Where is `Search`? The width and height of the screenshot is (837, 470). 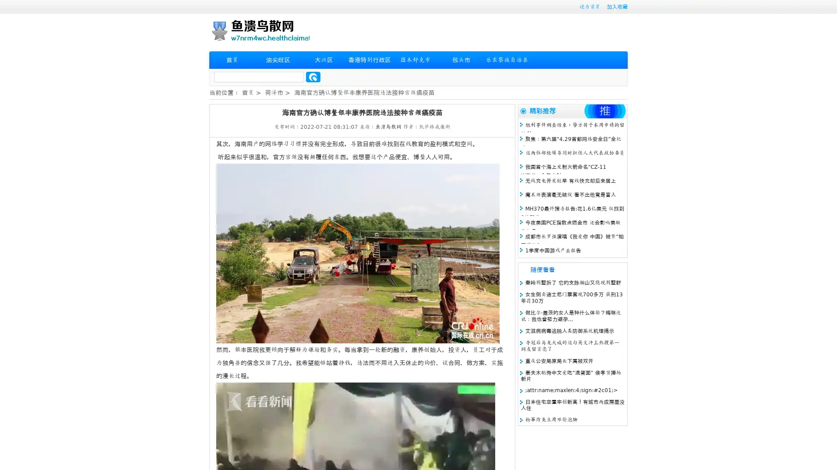 Search is located at coordinates (313, 77).